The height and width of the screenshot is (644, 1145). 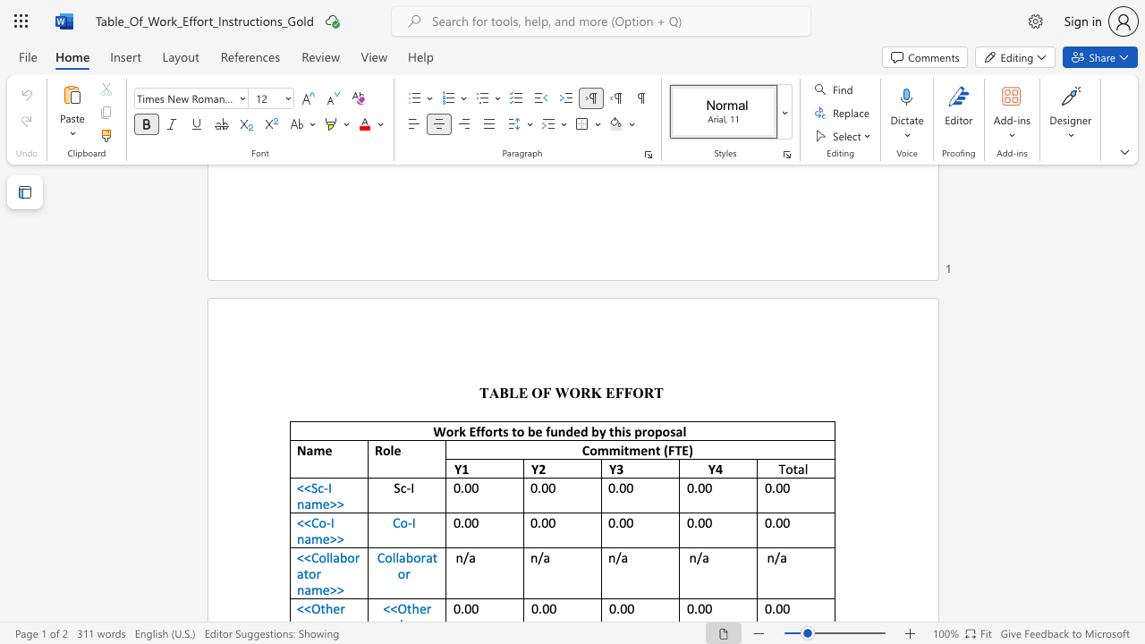 What do you see at coordinates (476, 431) in the screenshot?
I see `the subset text "fforts" within the text "Work Efforts to be funded by this proposal"` at bounding box center [476, 431].